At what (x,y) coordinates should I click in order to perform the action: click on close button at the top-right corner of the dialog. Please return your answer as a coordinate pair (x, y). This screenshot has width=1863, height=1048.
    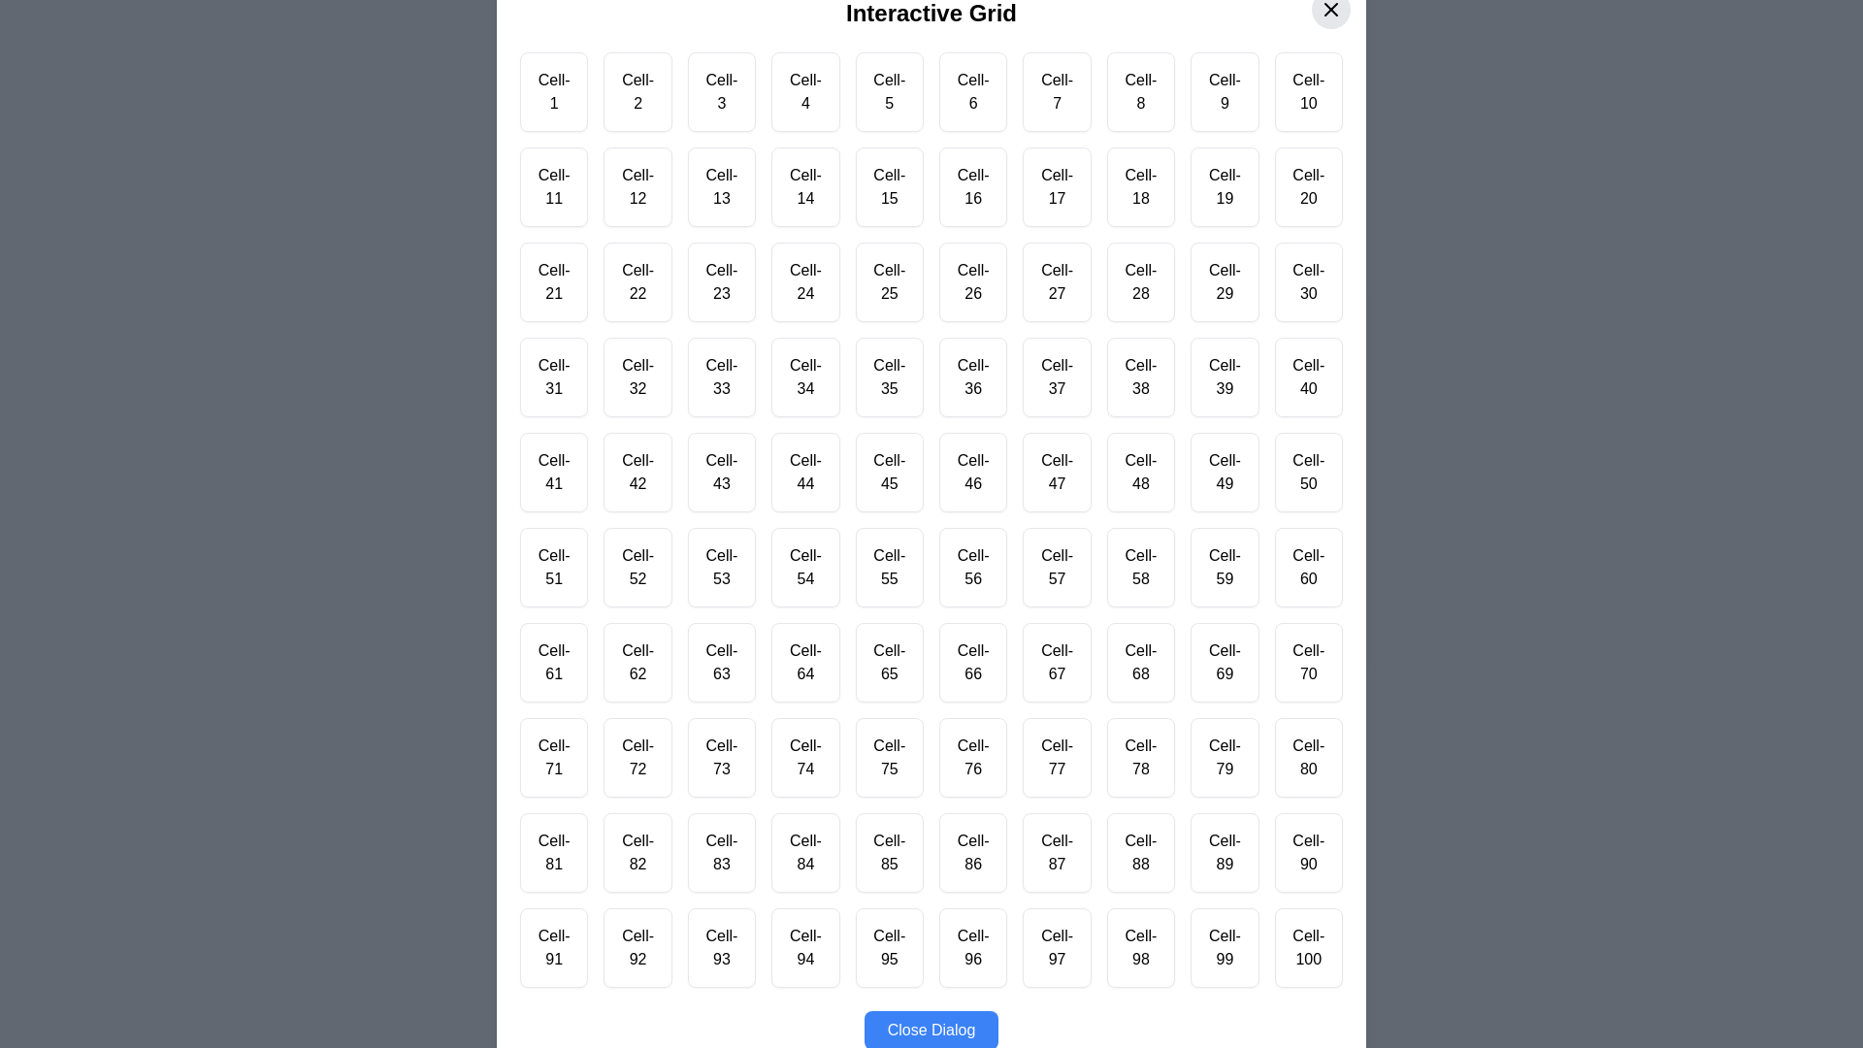
    Looking at the image, I should click on (1330, 10).